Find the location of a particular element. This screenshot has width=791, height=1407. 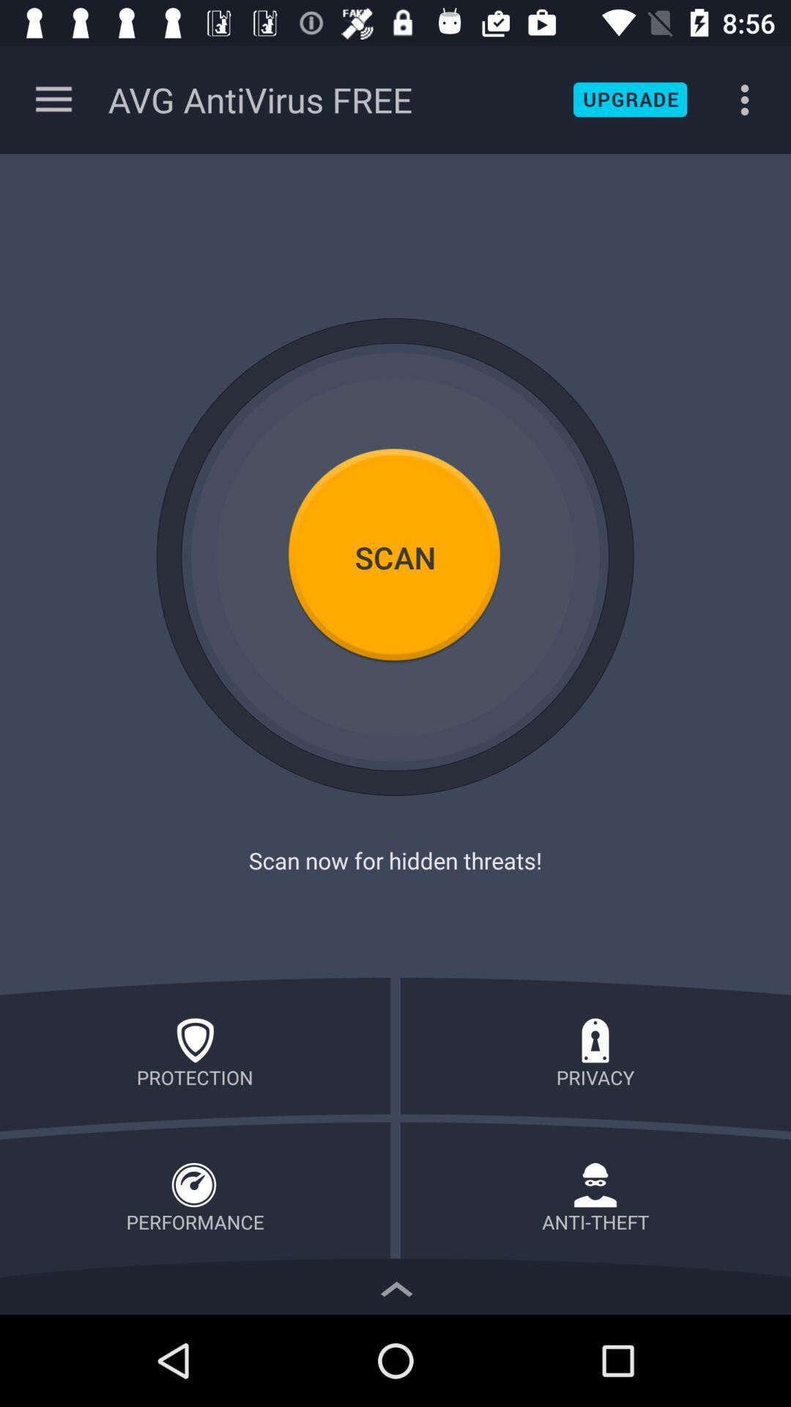

upgrade application to premium version is located at coordinates (629, 99).